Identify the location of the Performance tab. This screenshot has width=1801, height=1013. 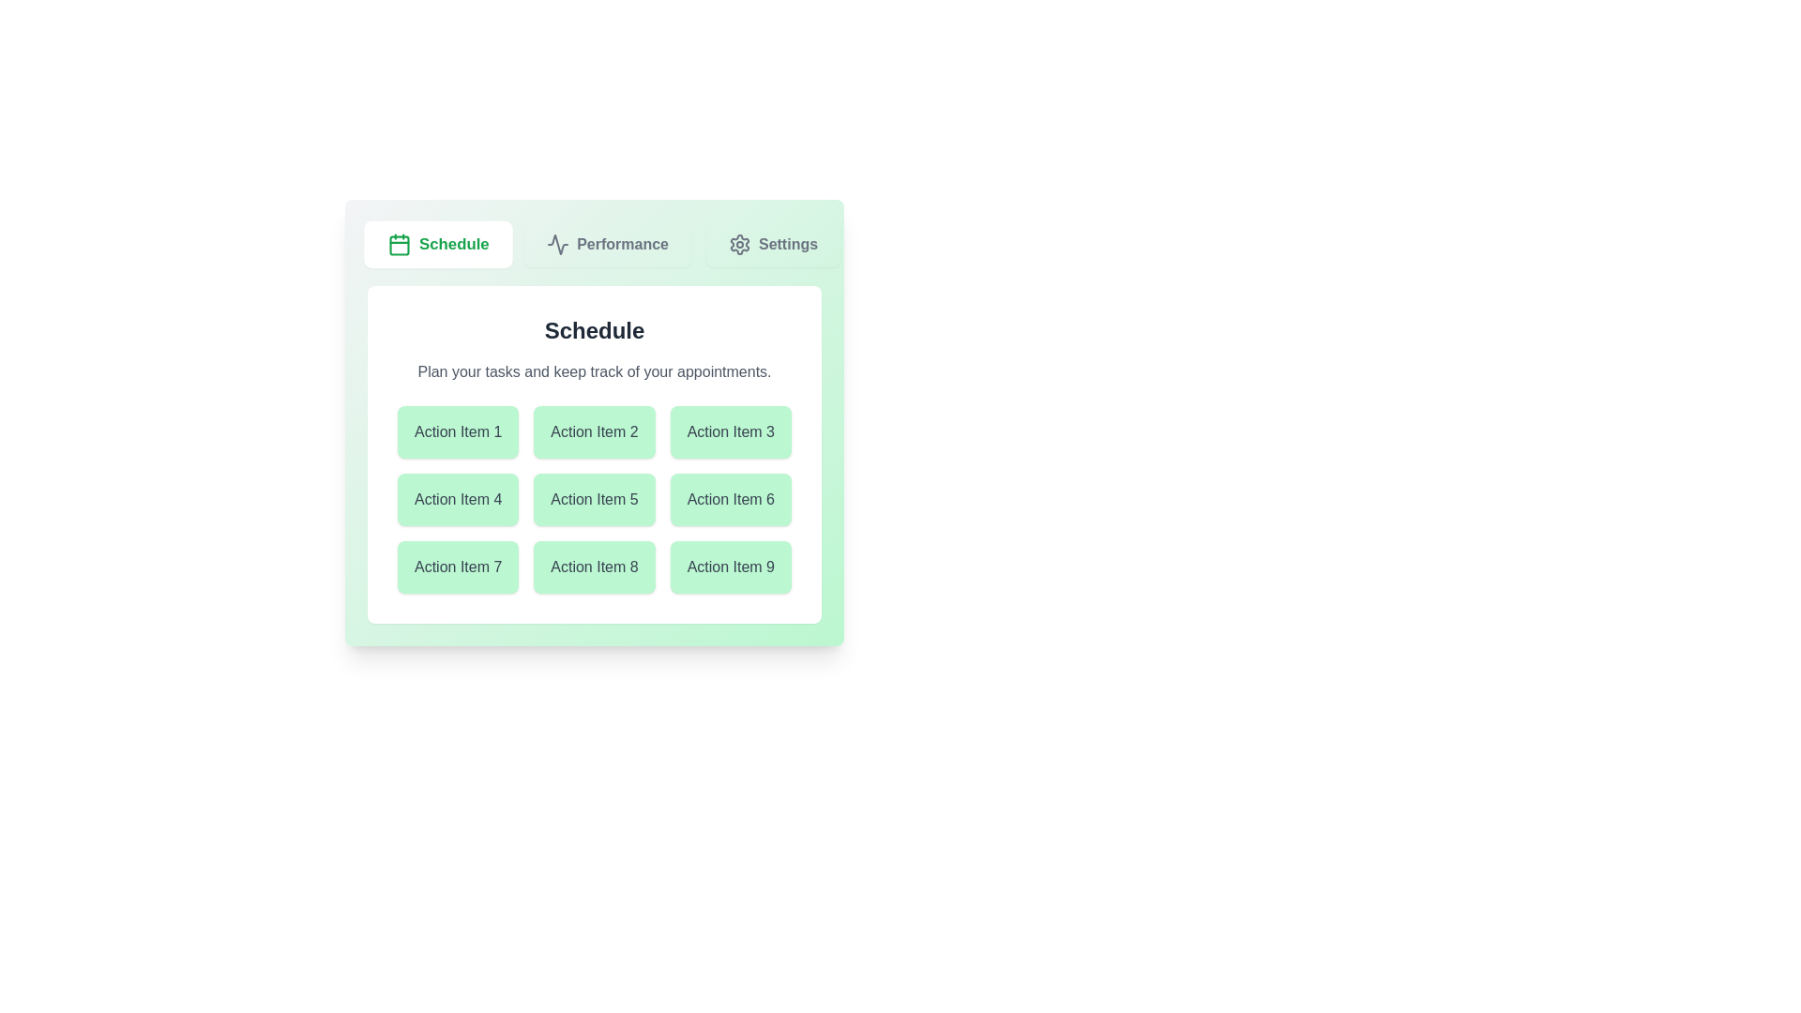
(608, 244).